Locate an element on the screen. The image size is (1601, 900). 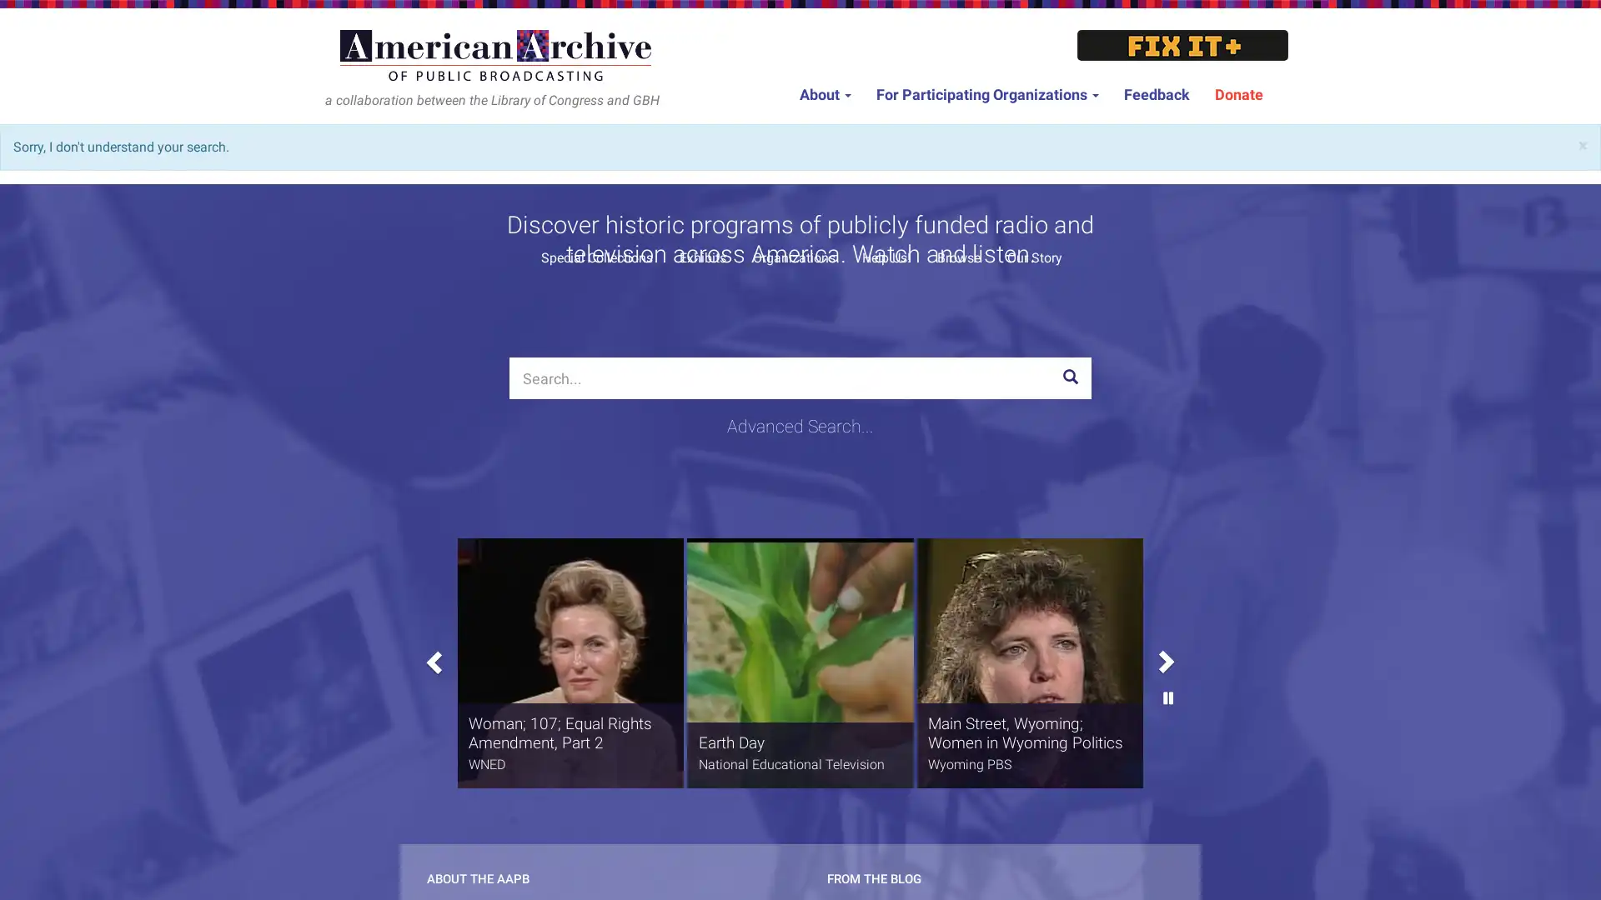
About is located at coordinates (825, 95).